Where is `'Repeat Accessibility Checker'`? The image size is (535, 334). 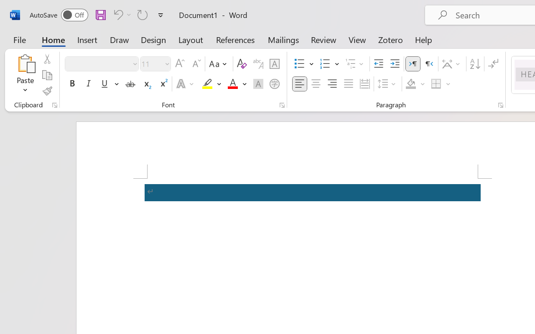 'Repeat Accessibility Checker' is located at coordinates (143, 14).